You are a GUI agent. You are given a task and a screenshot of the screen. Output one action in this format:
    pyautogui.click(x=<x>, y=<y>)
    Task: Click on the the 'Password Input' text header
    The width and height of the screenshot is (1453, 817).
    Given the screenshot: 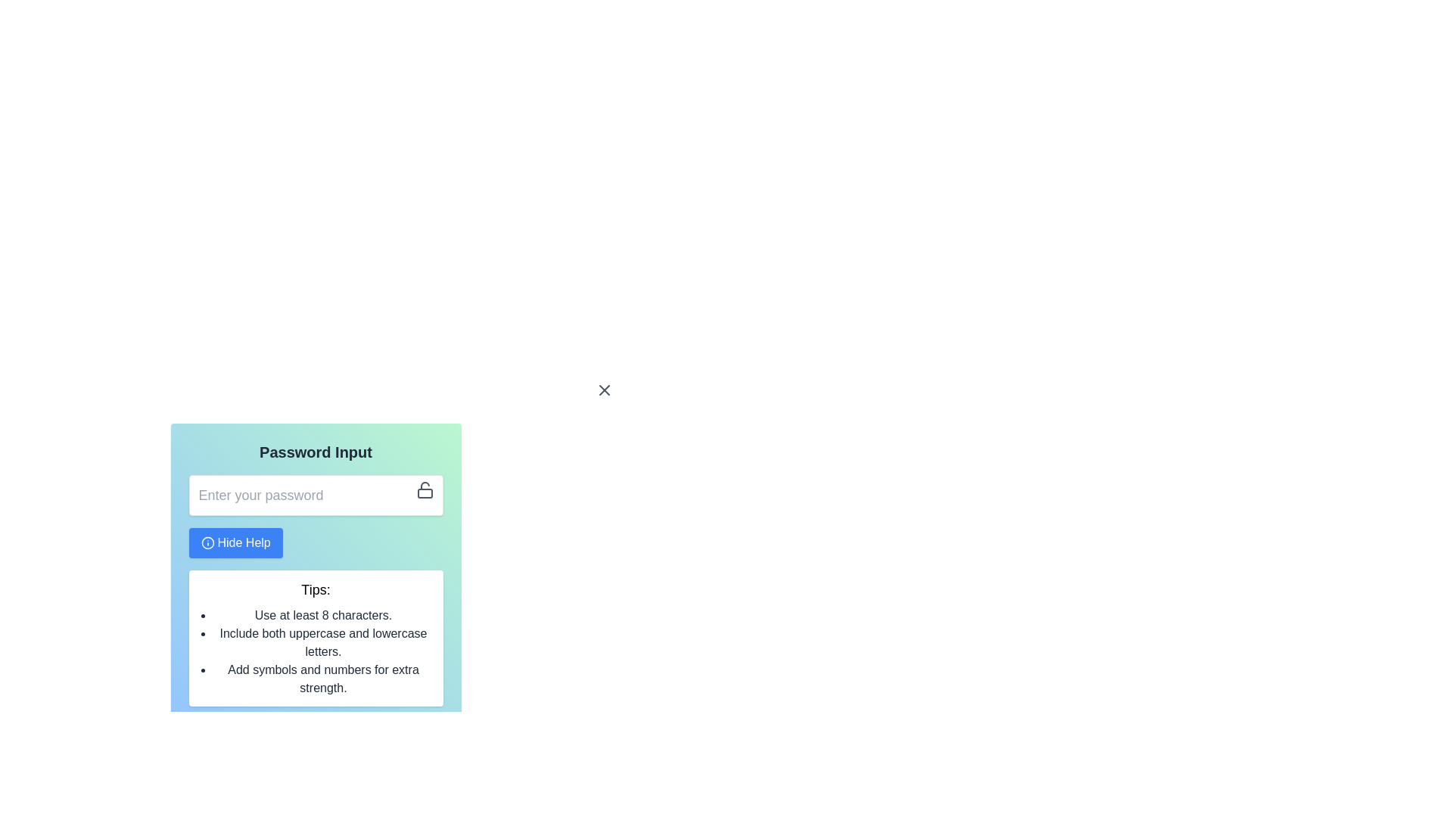 What is the action you would take?
    pyautogui.click(x=315, y=451)
    